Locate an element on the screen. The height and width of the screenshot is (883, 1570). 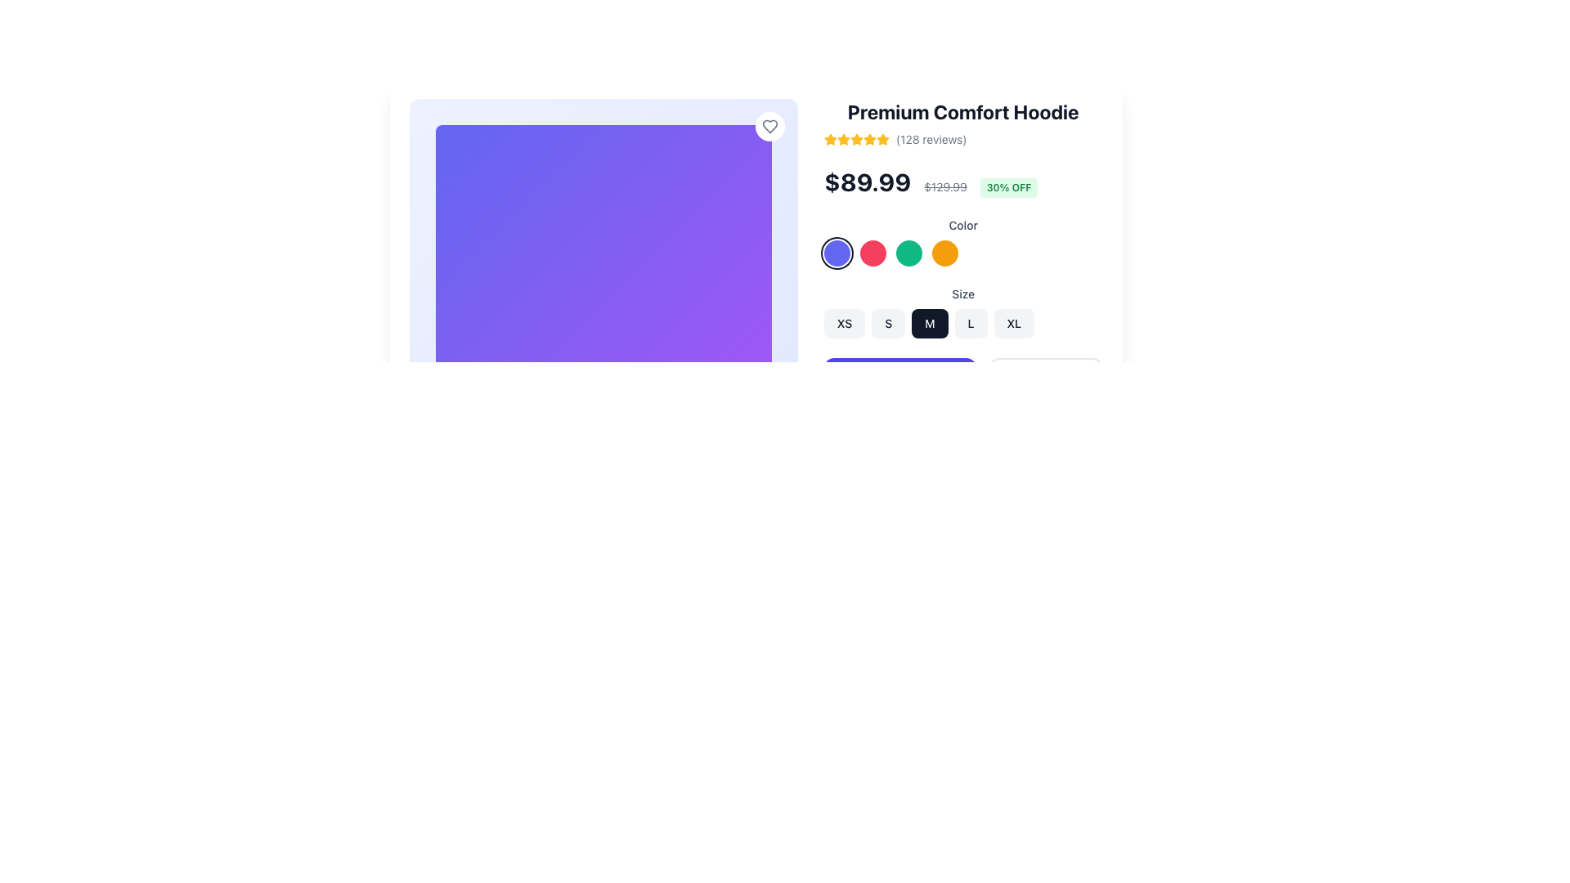
the bold text display showing the price '$89.99', which is prominently styled in a large font size and dark gray color, located centrally within the price segment of the product display is located at coordinates (867, 182).